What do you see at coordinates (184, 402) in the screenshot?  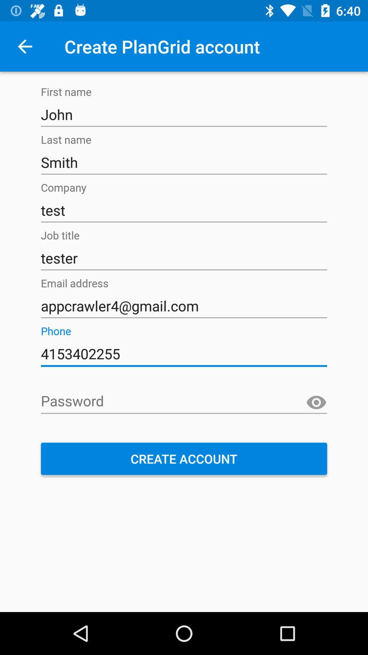 I see `the icon above create account` at bounding box center [184, 402].